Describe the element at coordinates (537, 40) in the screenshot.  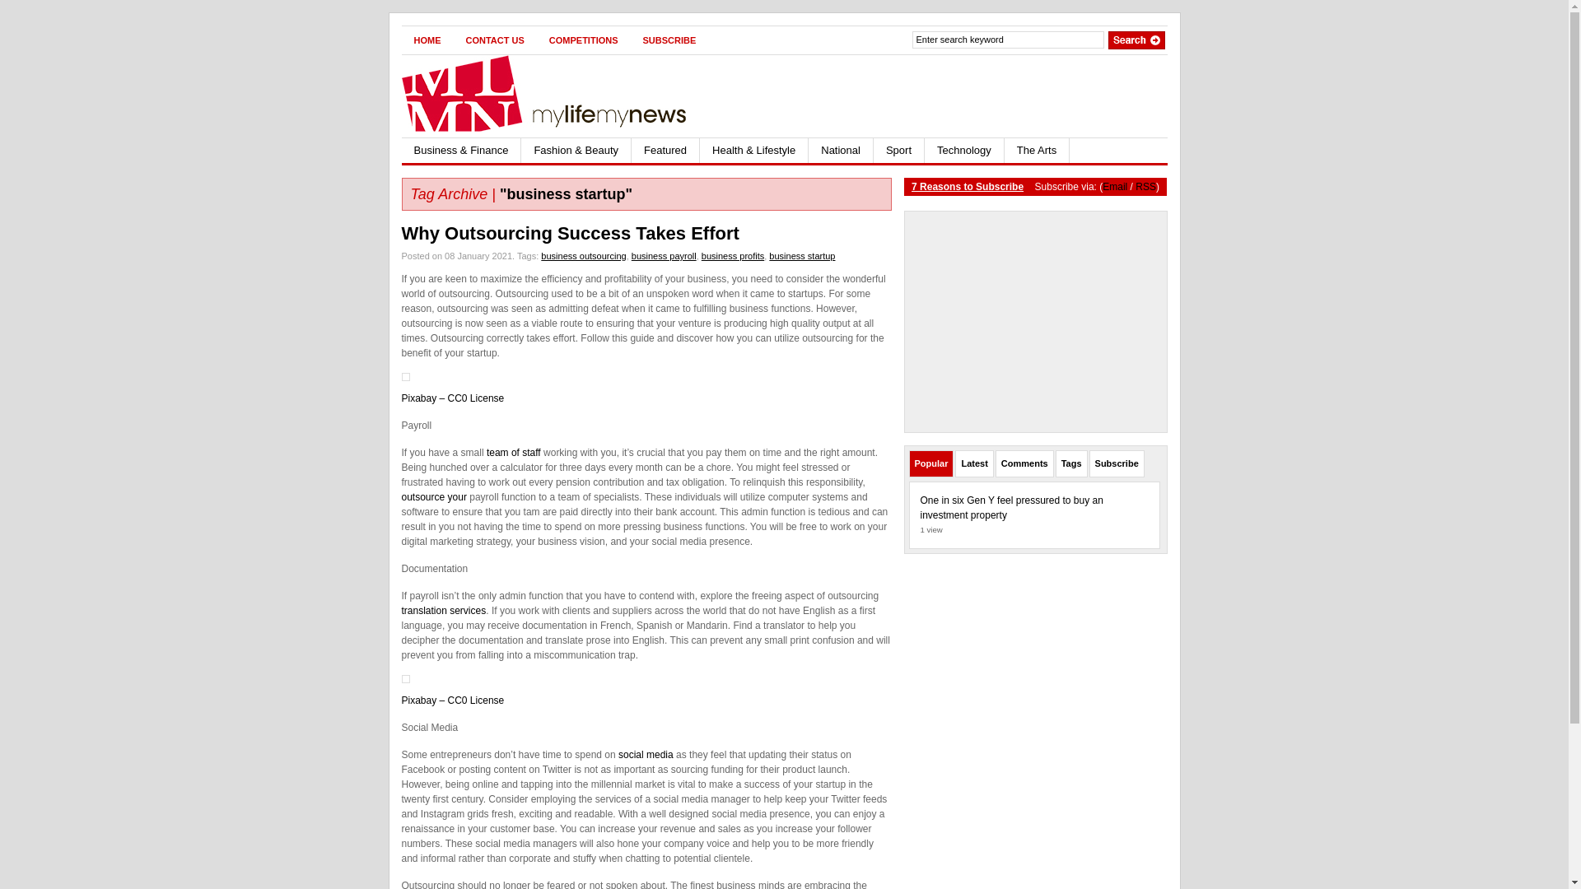
I see `'COMPETITIONS'` at that location.